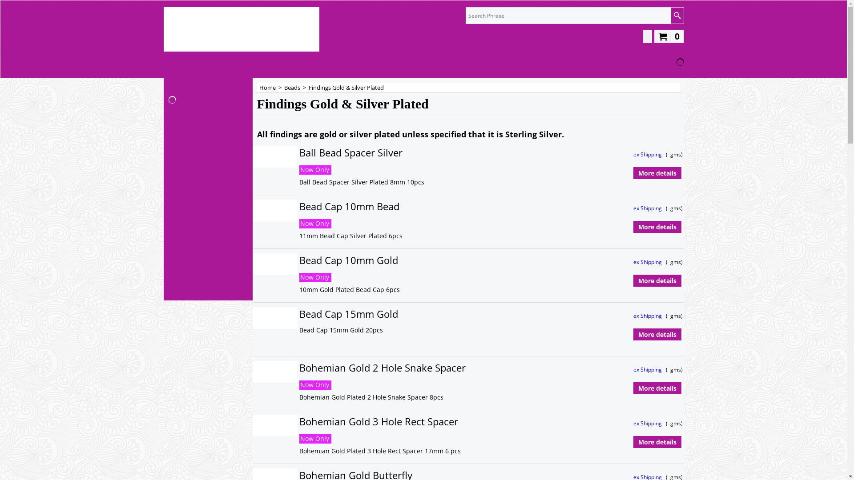 The width and height of the screenshot is (854, 480). Describe the element at coordinates (633, 334) in the screenshot. I see `'More details'` at that location.